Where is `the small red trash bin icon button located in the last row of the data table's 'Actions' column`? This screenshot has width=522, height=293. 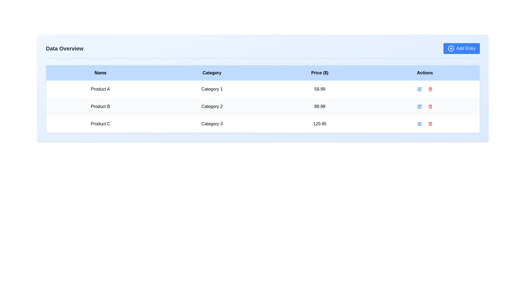
the small red trash bin icon button located in the last row of the data table's 'Actions' column is located at coordinates (430, 124).